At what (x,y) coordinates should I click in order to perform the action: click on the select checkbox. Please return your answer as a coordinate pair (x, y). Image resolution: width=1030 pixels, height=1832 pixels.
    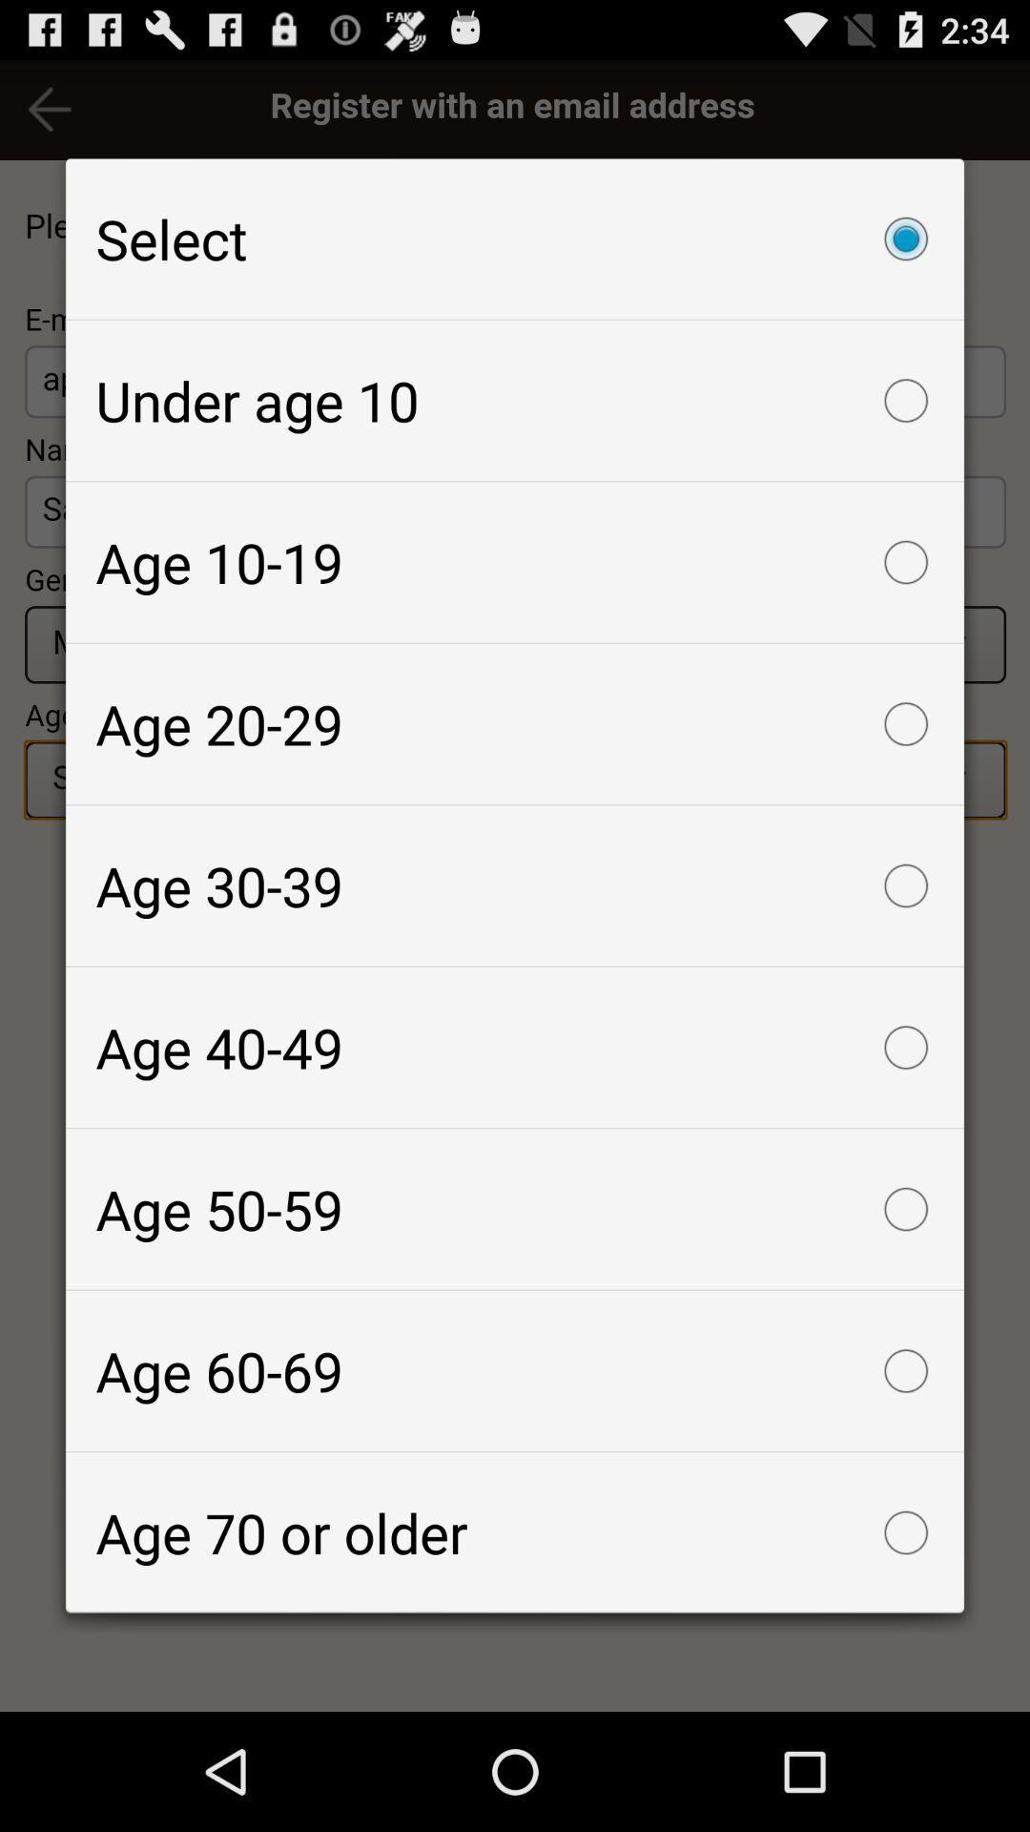
    Looking at the image, I should click on (515, 238).